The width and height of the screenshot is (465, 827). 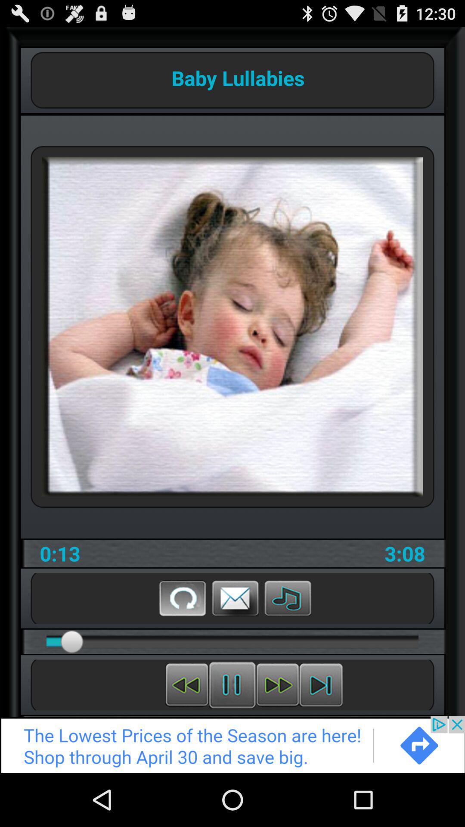 What do you see at coordinates (186, 684) in the screenshot?
I see `rewind music` at bounding box center [186, 684].